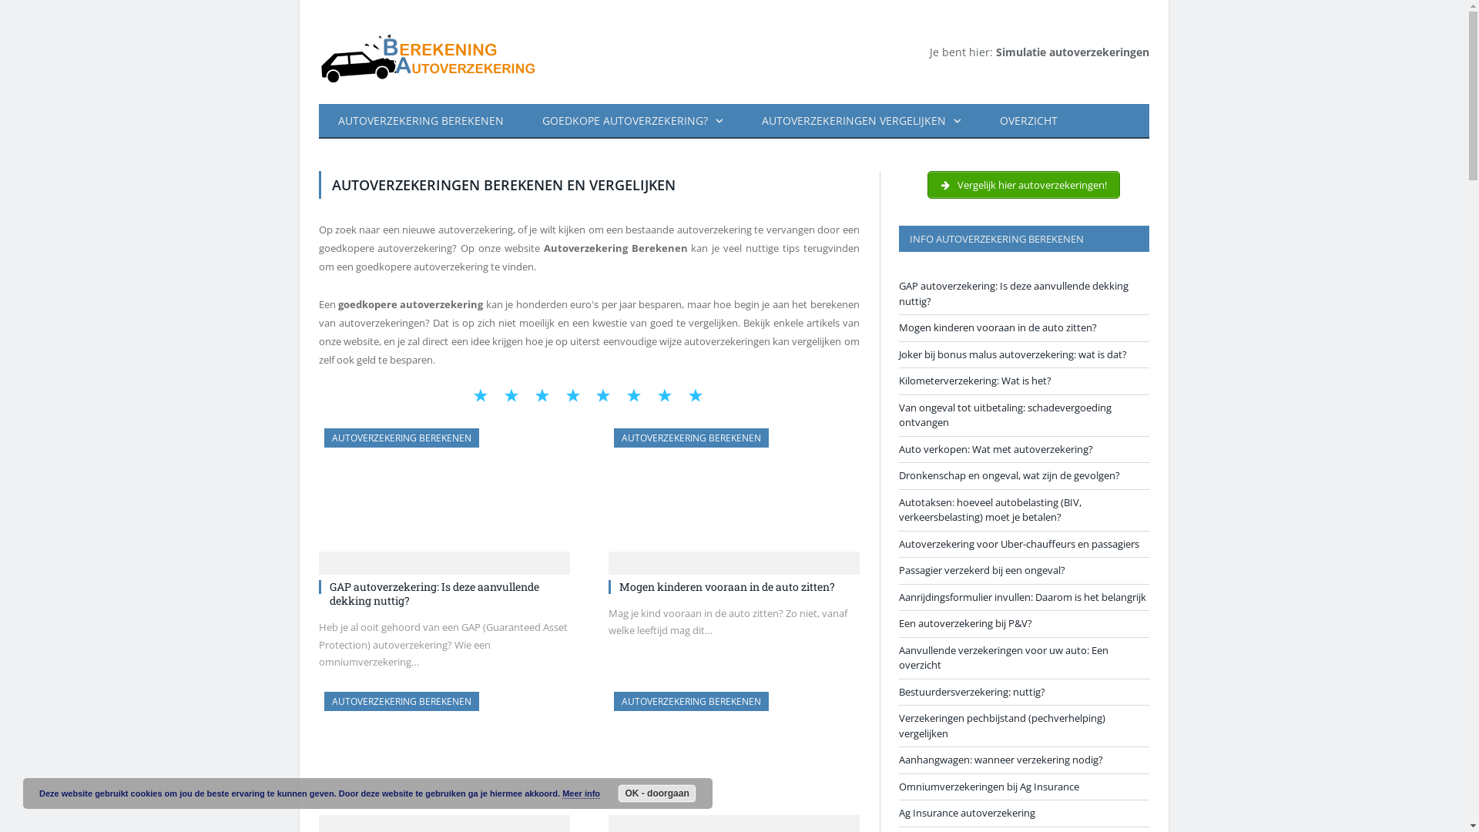 The image size is (1479, 832). What do you see at coordinates (617, 793) in the screenshot?
I see `'OK - doorgaan'` at bounding box center [617, 793].